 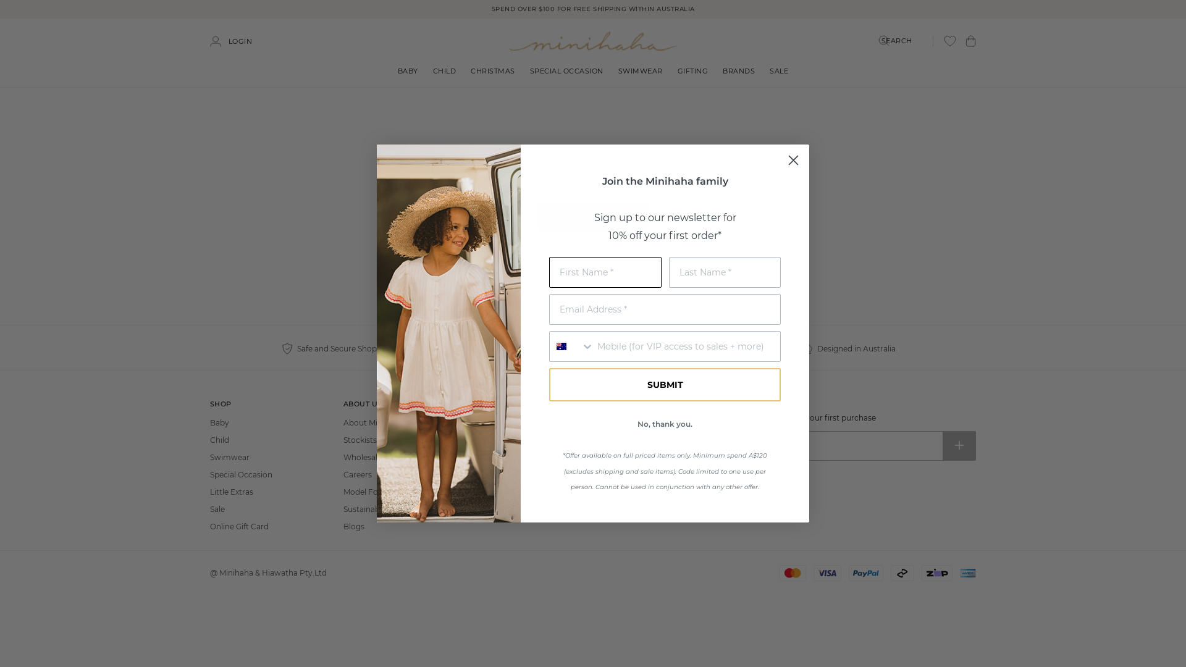 What do you see at coordinates (231, 491) in the screenshot?
I see `'Little Extras'` at bounding box center [231, 491].